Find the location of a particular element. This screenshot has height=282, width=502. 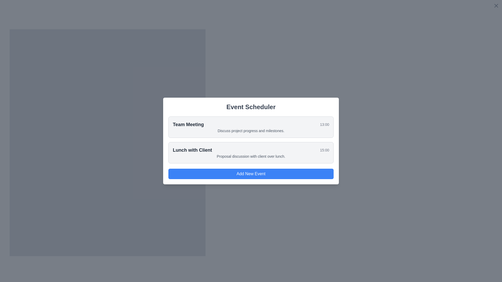

properties of the SVG component that represents one part of the 'X' icon located at the top-right corner of the interface is located at coordinates (496, 6).